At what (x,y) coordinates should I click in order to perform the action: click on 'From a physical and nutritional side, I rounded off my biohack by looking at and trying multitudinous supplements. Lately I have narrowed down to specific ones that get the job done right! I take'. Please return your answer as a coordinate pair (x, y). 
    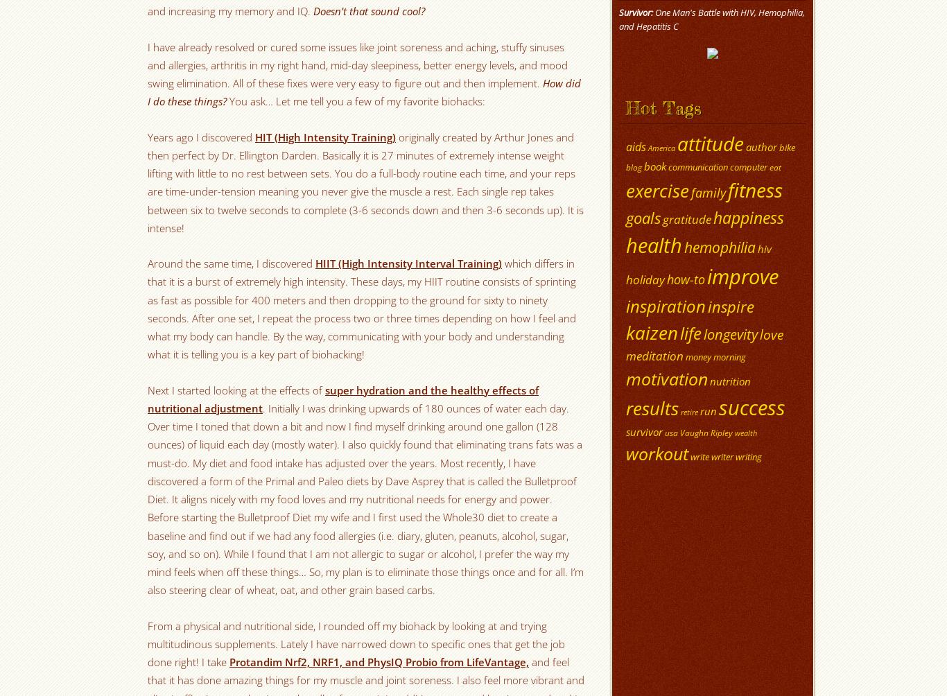
    Looking at the image, I should click on (356, 643).